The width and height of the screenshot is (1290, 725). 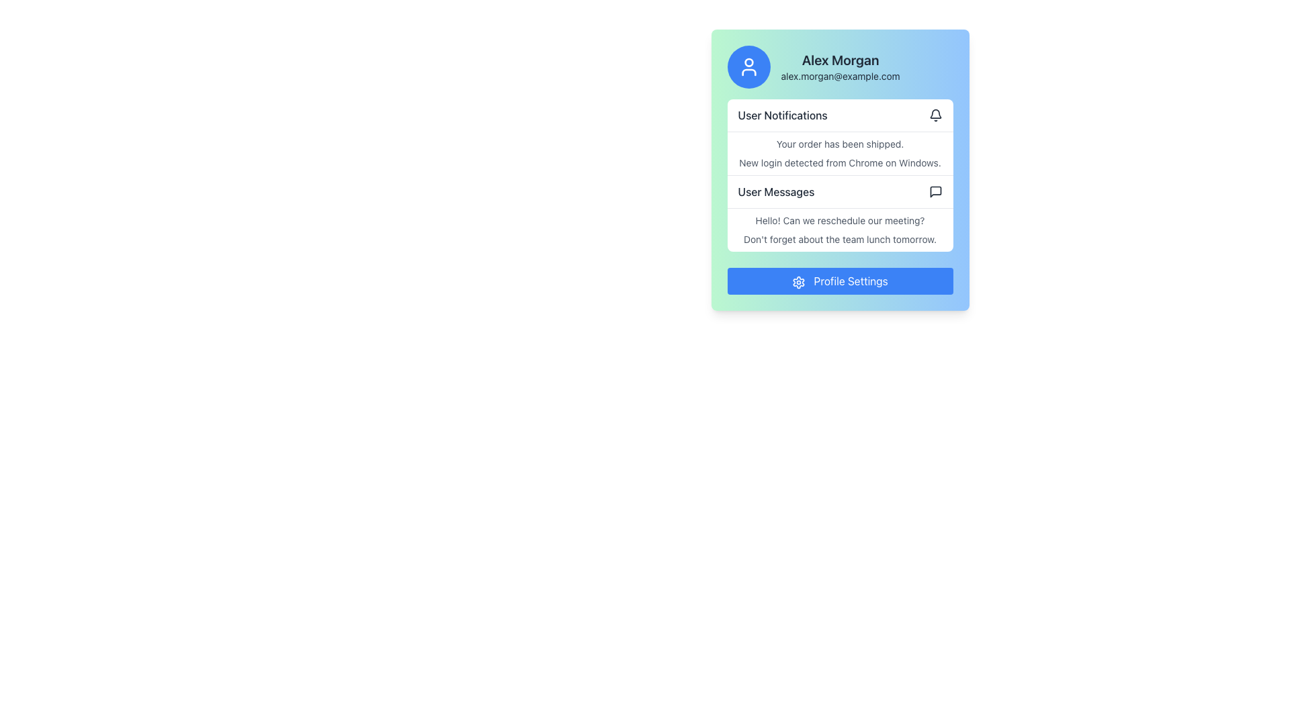 I want to click on the notification bell icon, which is a minimalistic line art representation located in the upper-right portion of the notification card, adjacent to the 'User Notifications' title, so click(x=935, y=113).